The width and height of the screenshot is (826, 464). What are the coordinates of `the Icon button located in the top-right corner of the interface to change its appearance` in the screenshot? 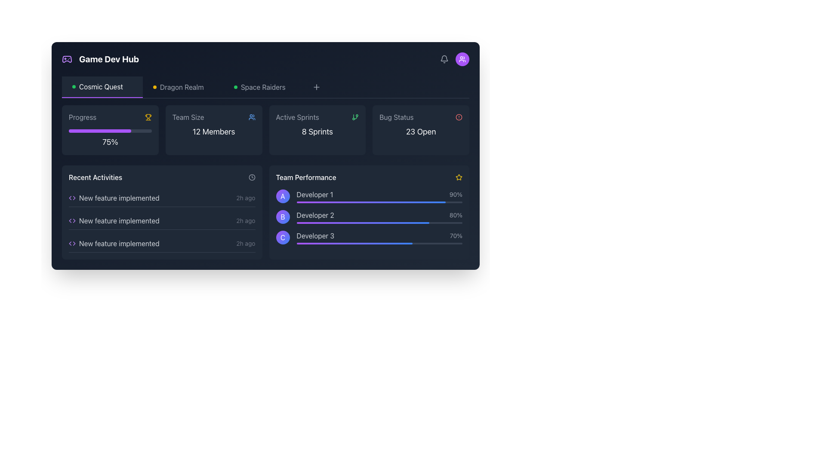 It's located at (444, 59).